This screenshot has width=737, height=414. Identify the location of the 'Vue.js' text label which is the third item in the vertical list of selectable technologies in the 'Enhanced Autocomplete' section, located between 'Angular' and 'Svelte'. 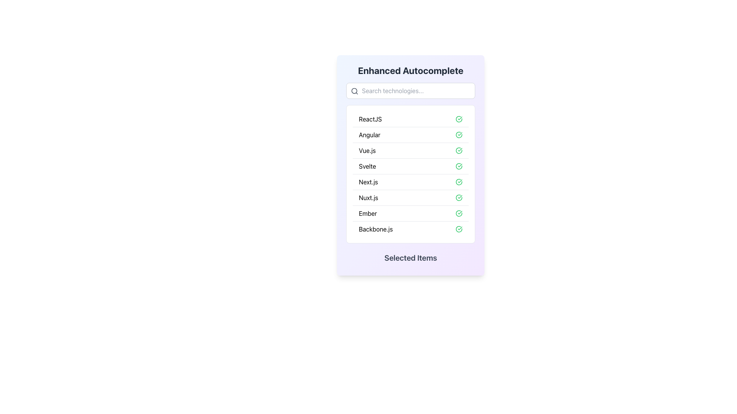
(367, 151).